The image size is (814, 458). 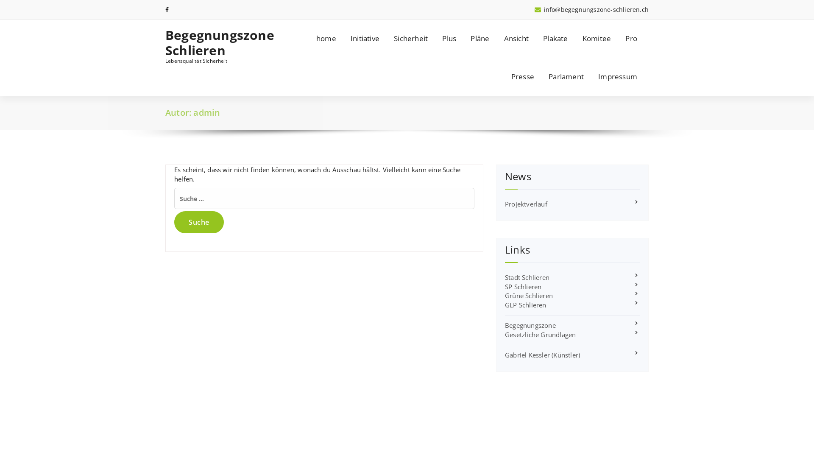 What do you see at coordinates (526, 204) in the screenshot?
I see `'Projektverlauf'` at bounding box center [526, 204].